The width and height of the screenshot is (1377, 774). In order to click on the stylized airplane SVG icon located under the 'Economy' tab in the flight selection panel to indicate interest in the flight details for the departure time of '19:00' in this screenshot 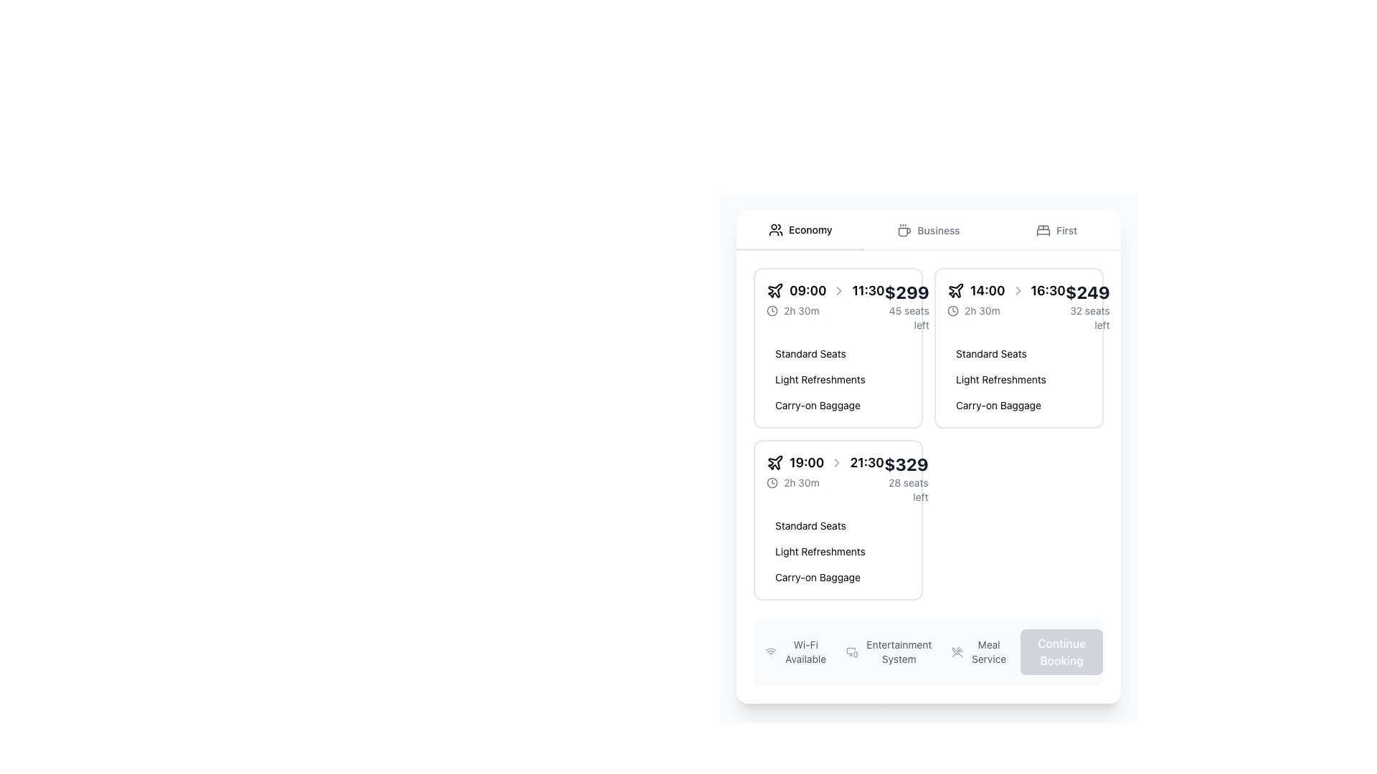, I will do `click(775, 462)`.